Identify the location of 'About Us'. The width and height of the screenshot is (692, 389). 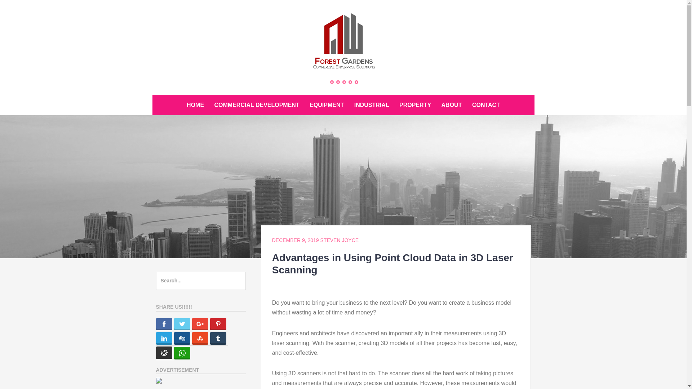
(337, 81).